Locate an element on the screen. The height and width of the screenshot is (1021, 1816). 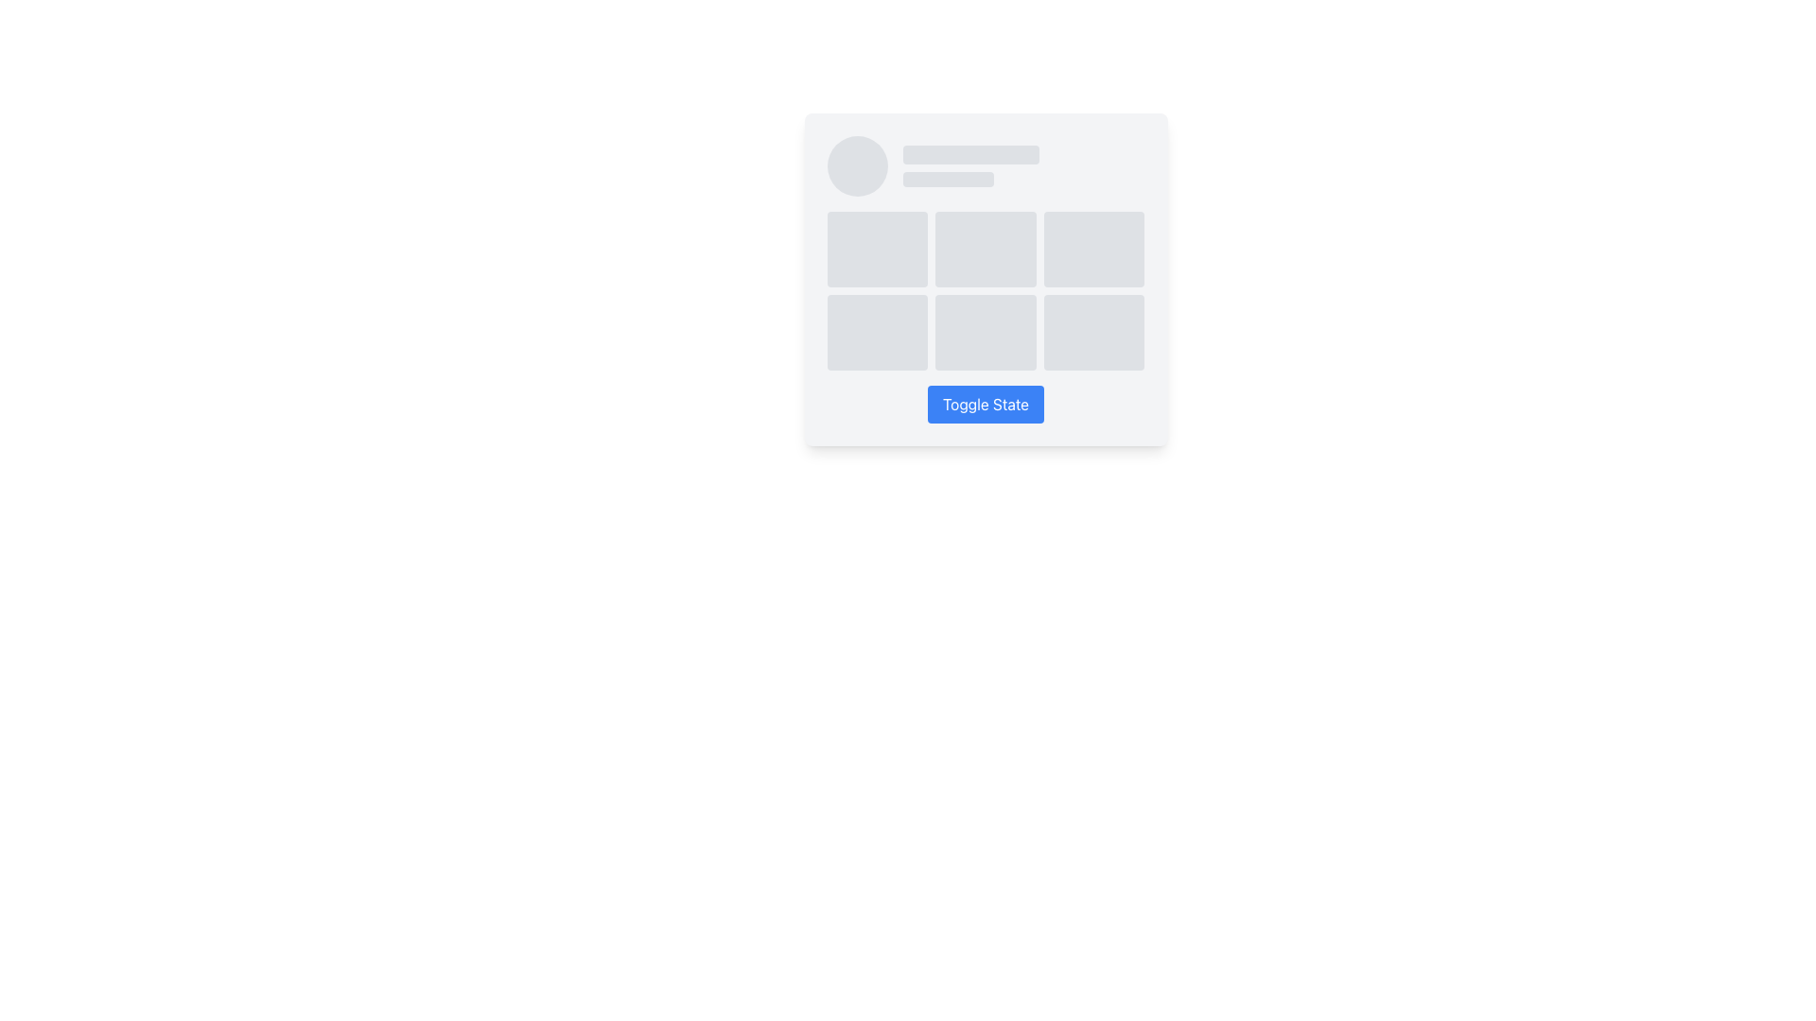
the decorative placeholder or loading indicator located at the top-left portion of the layout, which is the leftmost element in a horizontal group of components is located at coordinates (856, 165).